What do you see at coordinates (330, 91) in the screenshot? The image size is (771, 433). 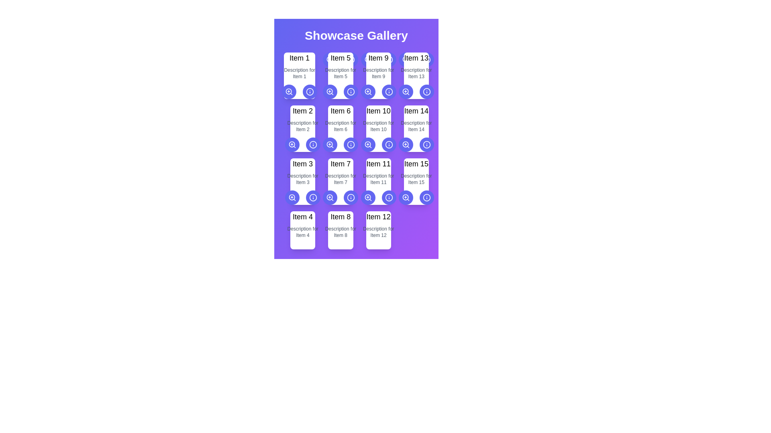 I see `the circular lens of the magnifying glass icon, which is part of the 'zoom-in' graphic, located near the 'Item 5' card in the grid layout` at bounding box center [330, 91].